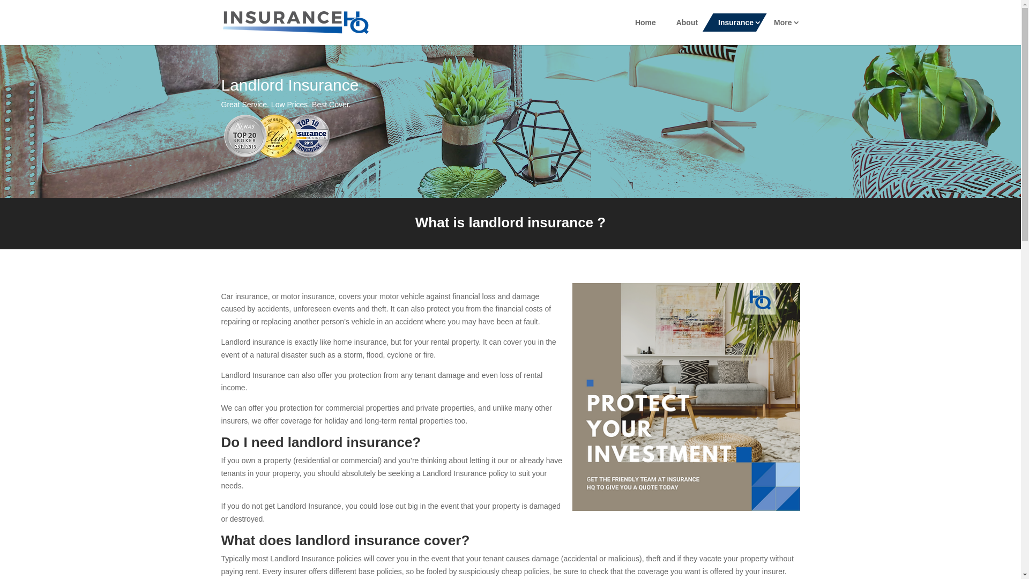 This screenshot has width=1029, height=579. Describe the element at coordinates (735, 23) in the screenshot. I see `'Insurance'` at that location.